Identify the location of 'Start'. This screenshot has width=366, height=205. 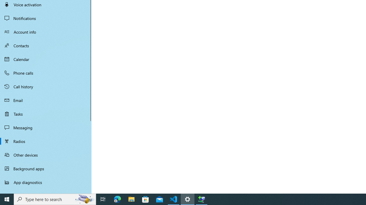
(7, 199).